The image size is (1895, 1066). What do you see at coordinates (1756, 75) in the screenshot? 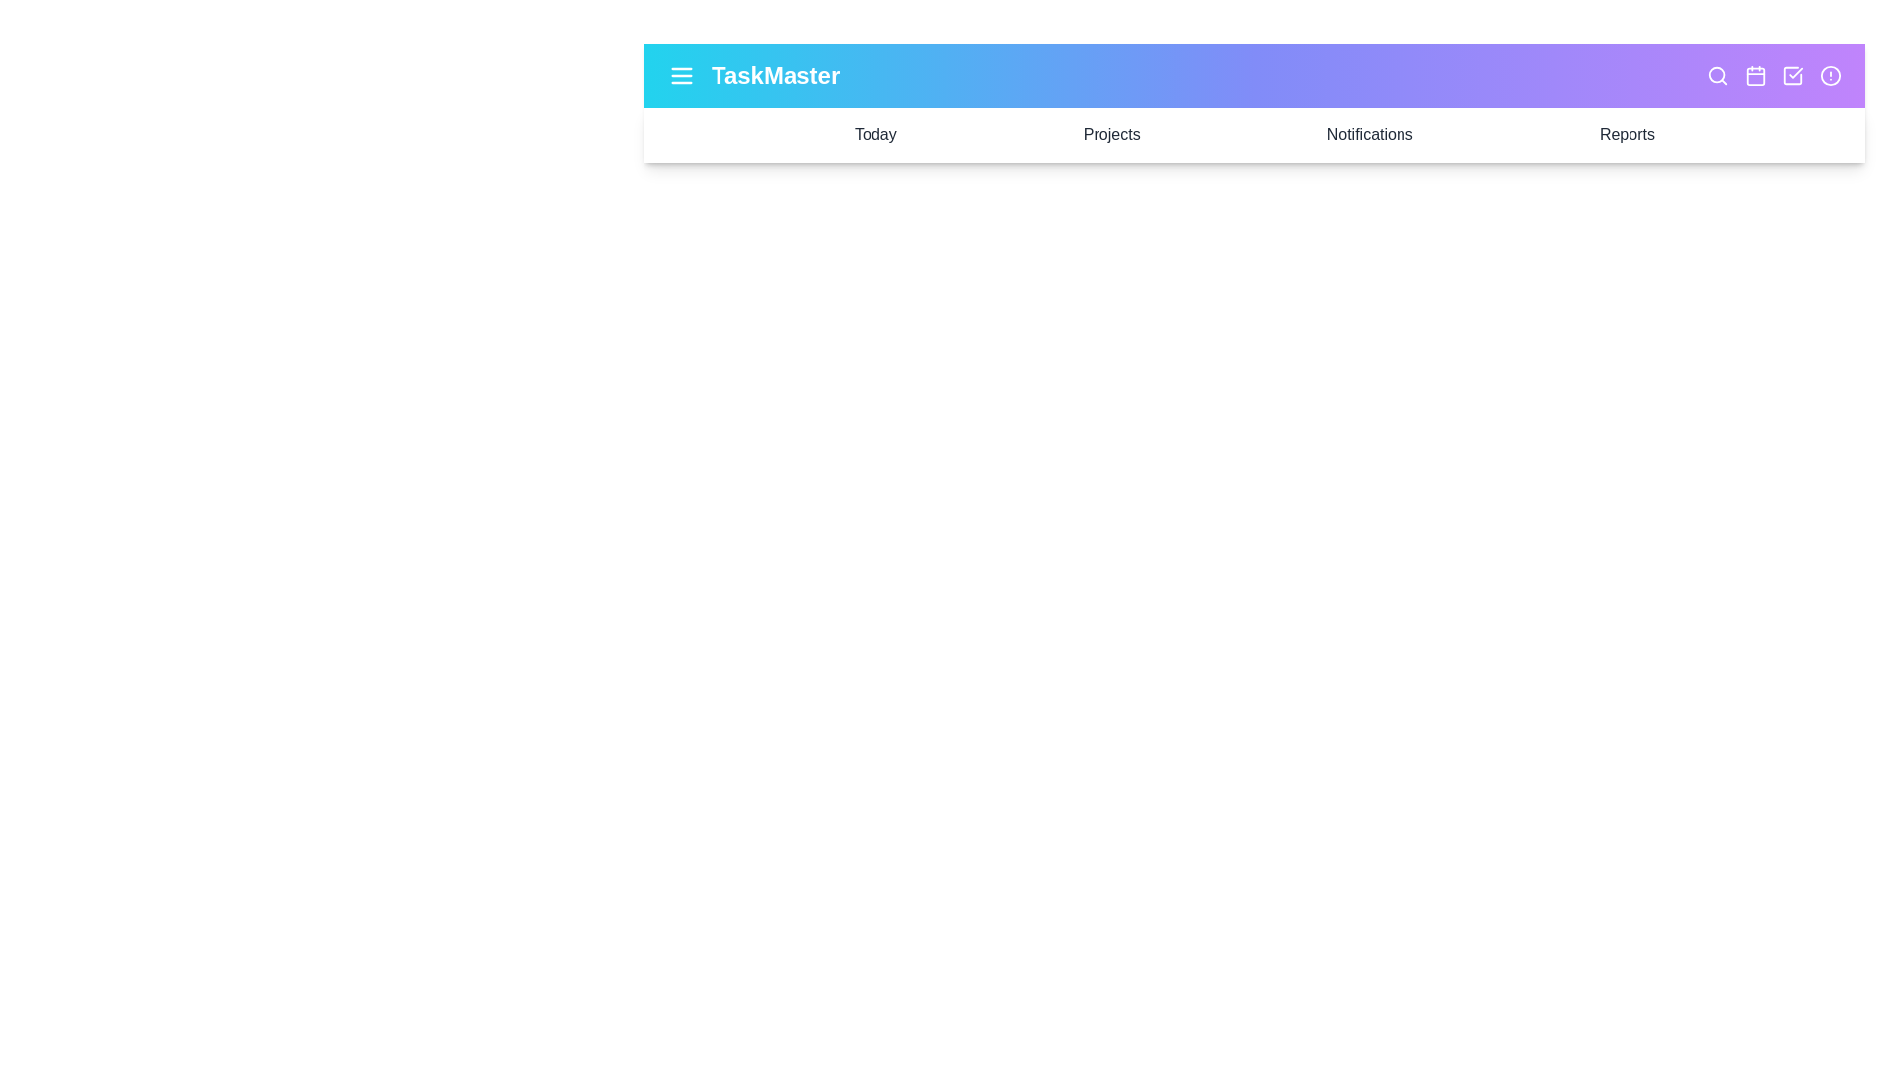
I see `the calendar icon to access the calendar view` at bounding box center [1756, 75].